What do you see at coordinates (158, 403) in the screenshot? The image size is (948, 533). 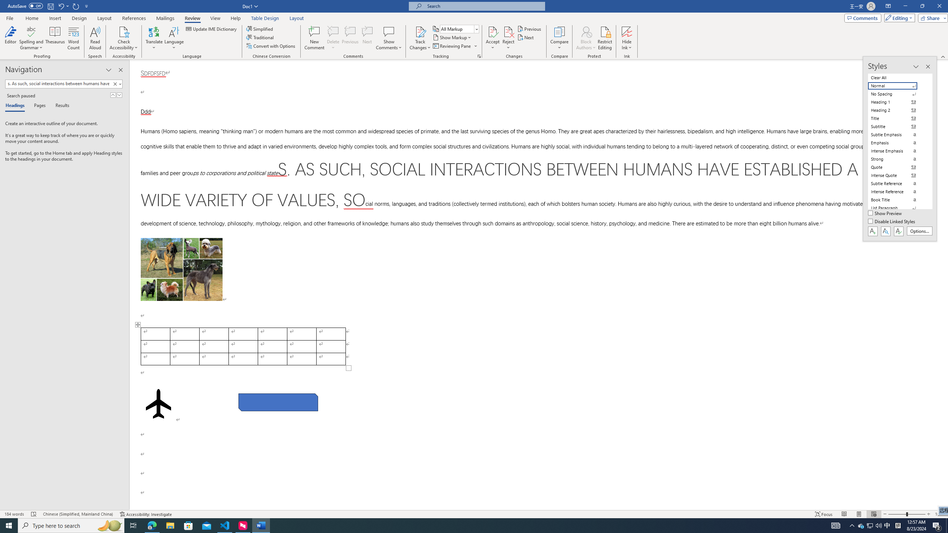 I see `'Airplane with solid fill'` at bounding box center [158, 403].